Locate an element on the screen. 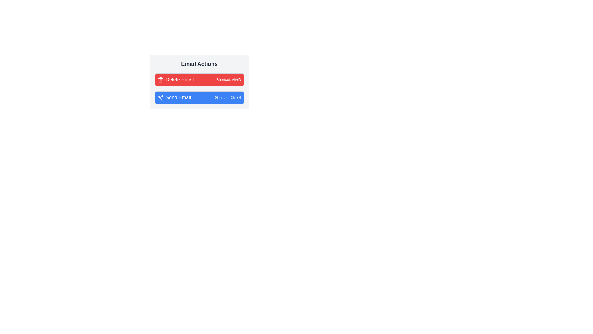  the Text Label that displays the keyboard shortcut (Alt+D) for activating the 'Delete Email' action, which is located at the far-right end of the red-colored 'Delete Email' button in the 'Email Actions' panel is located at coordinates (228, 79).